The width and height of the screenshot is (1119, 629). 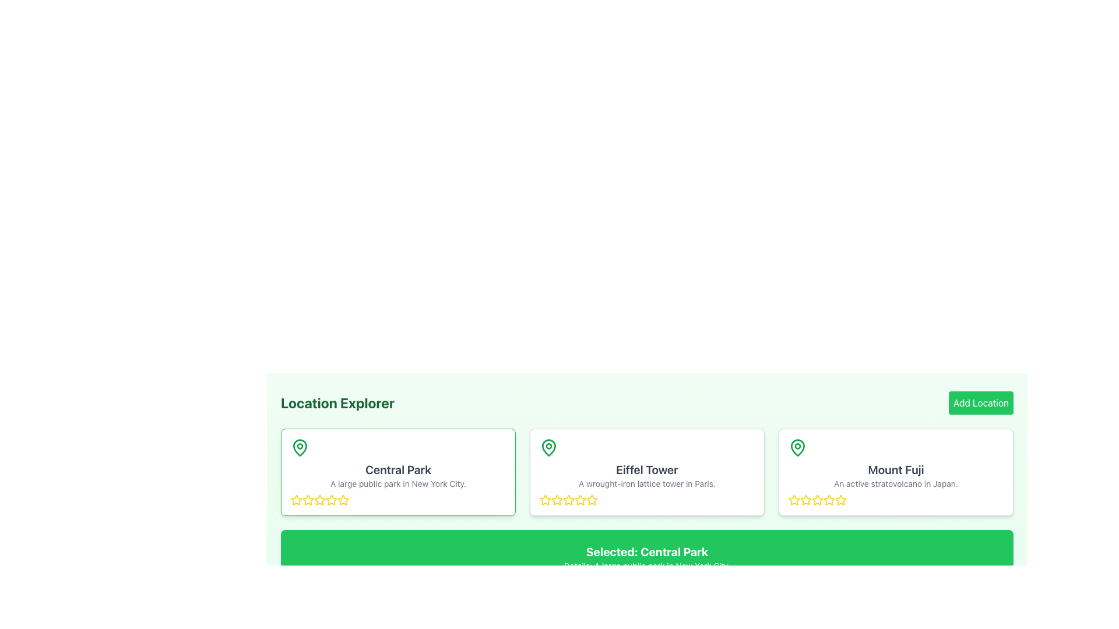 I want to click on the third yellow star-shaped rating icon for 'Central Park', so click(x=308, y=500).